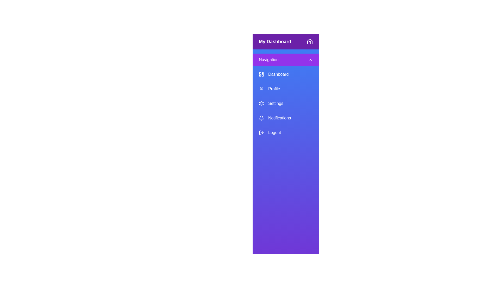  Describe the element at coordinates (261, 103) in the screenshot. I see `the 'Settings' icon located in the navigation menu, which represents the settings functionality and is visually identifiable as part of the third option in the vertical list` at that location.